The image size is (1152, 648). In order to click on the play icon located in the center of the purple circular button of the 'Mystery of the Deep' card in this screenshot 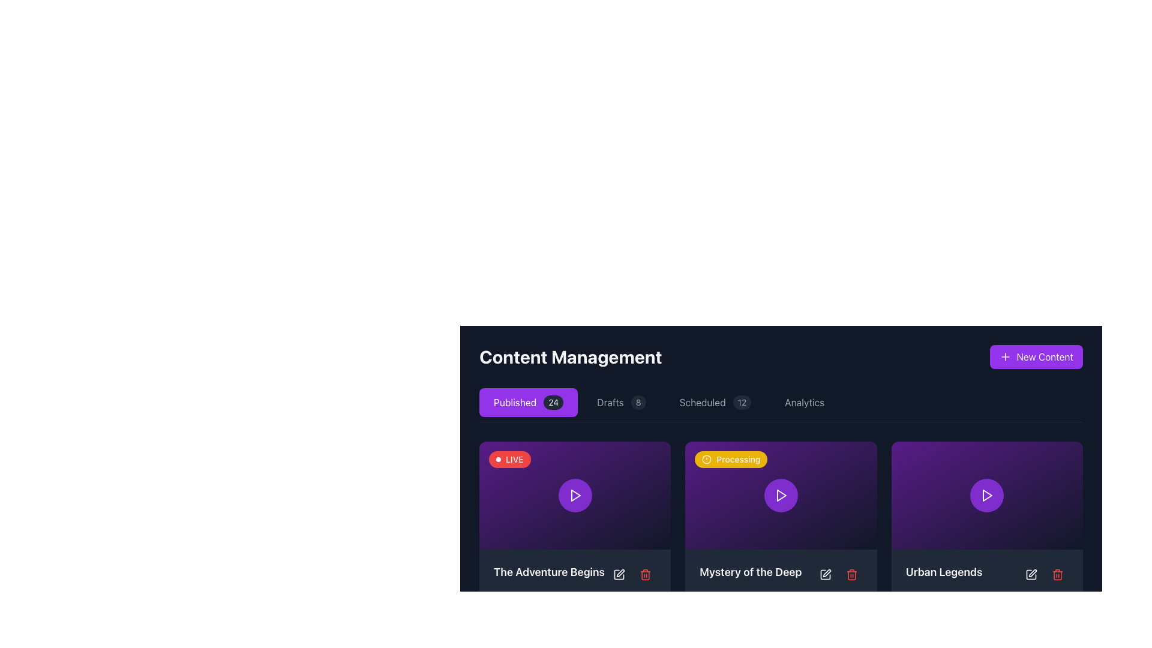, I will do `click(781, 495)`.